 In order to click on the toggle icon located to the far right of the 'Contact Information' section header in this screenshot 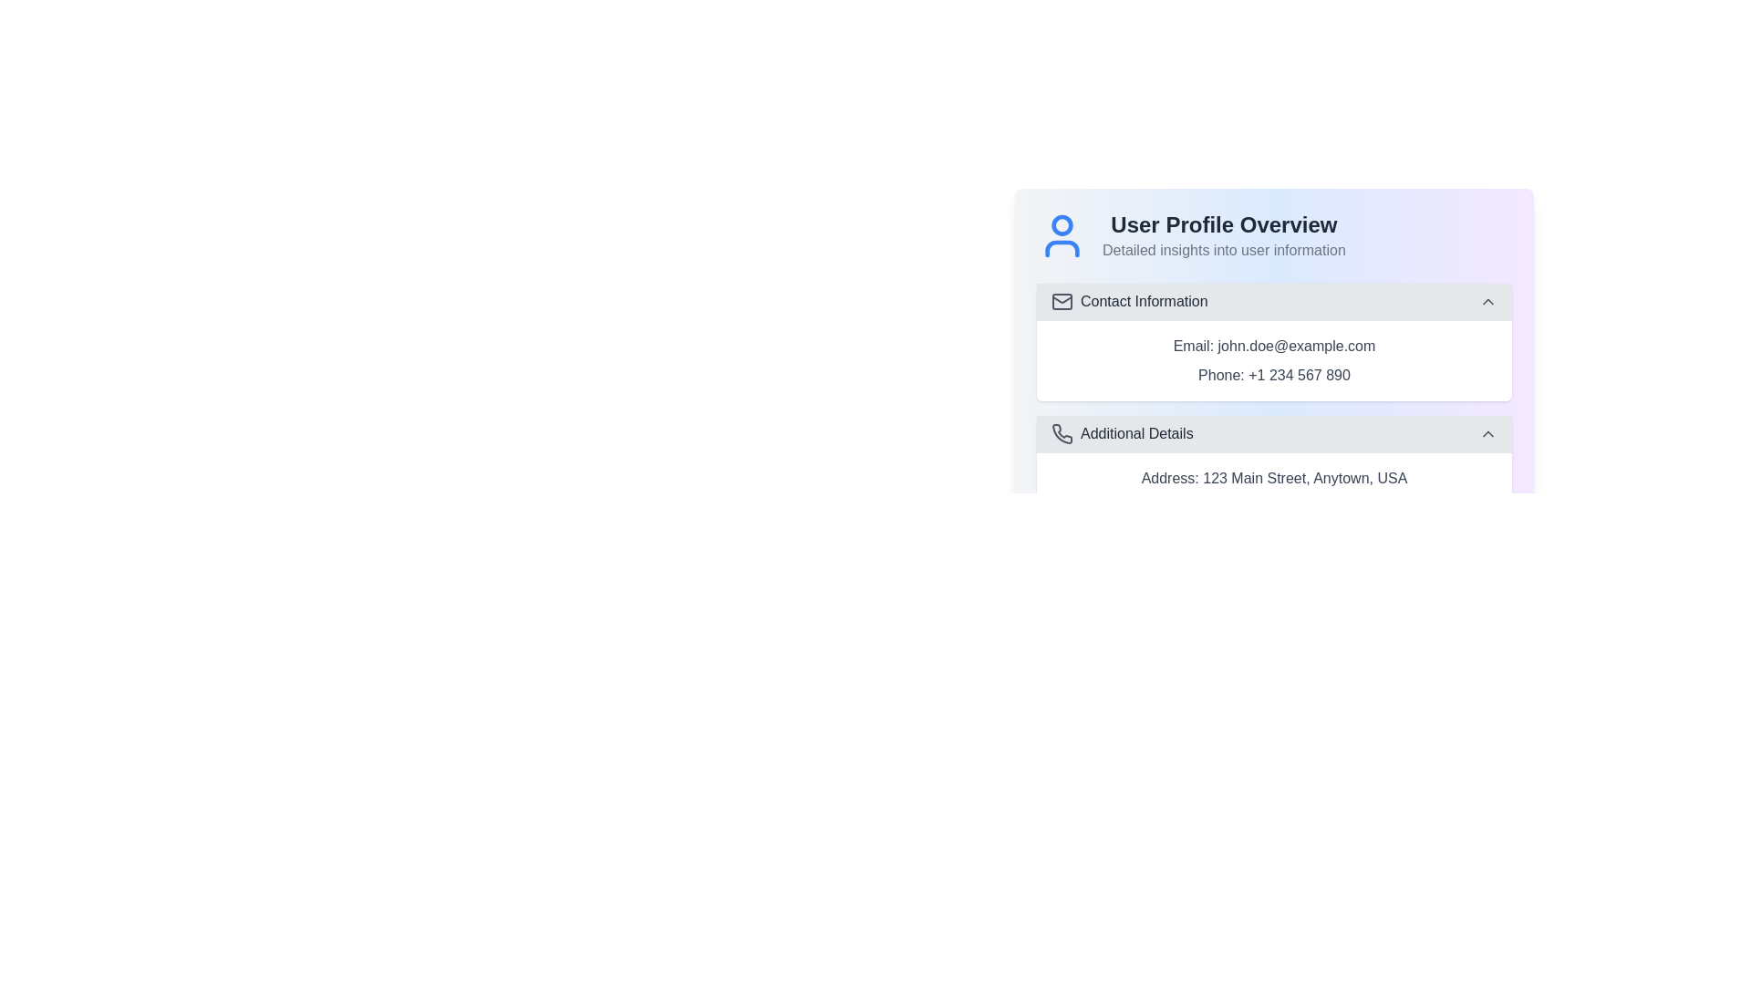, I will do `click(1488, 301)`.